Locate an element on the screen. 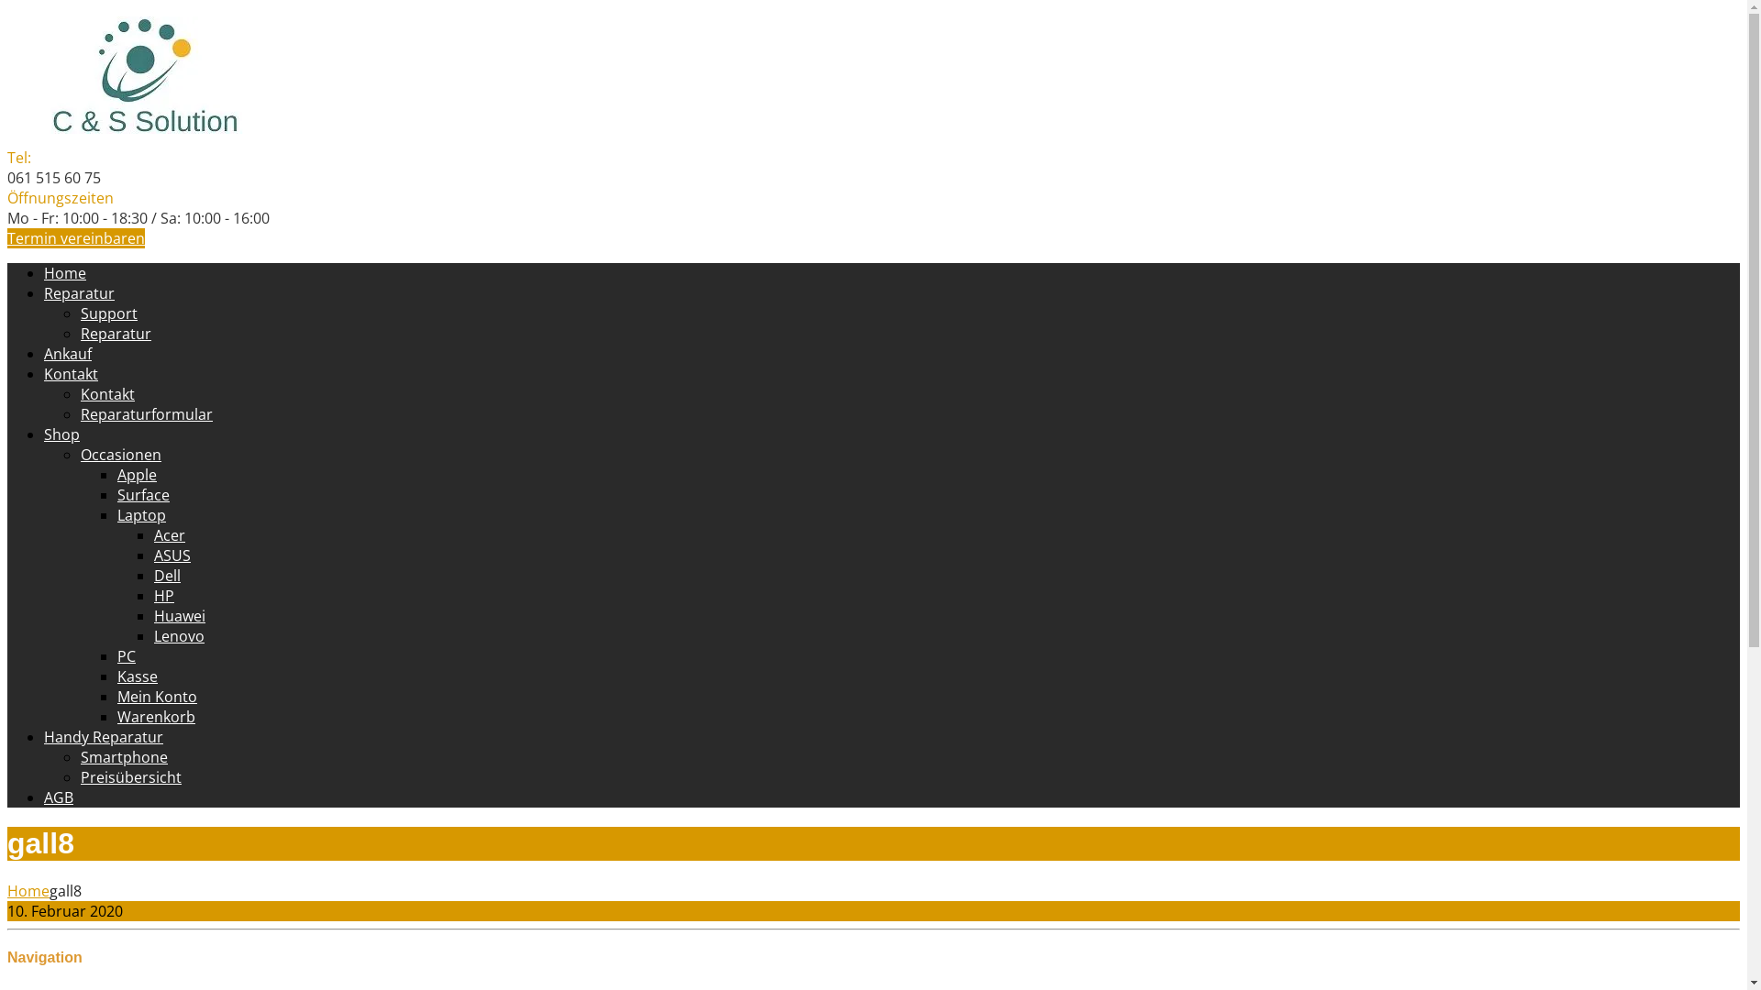 This screenshot has height=990, width=1761. 'Skip to content' is located at coordinates (6, 6).